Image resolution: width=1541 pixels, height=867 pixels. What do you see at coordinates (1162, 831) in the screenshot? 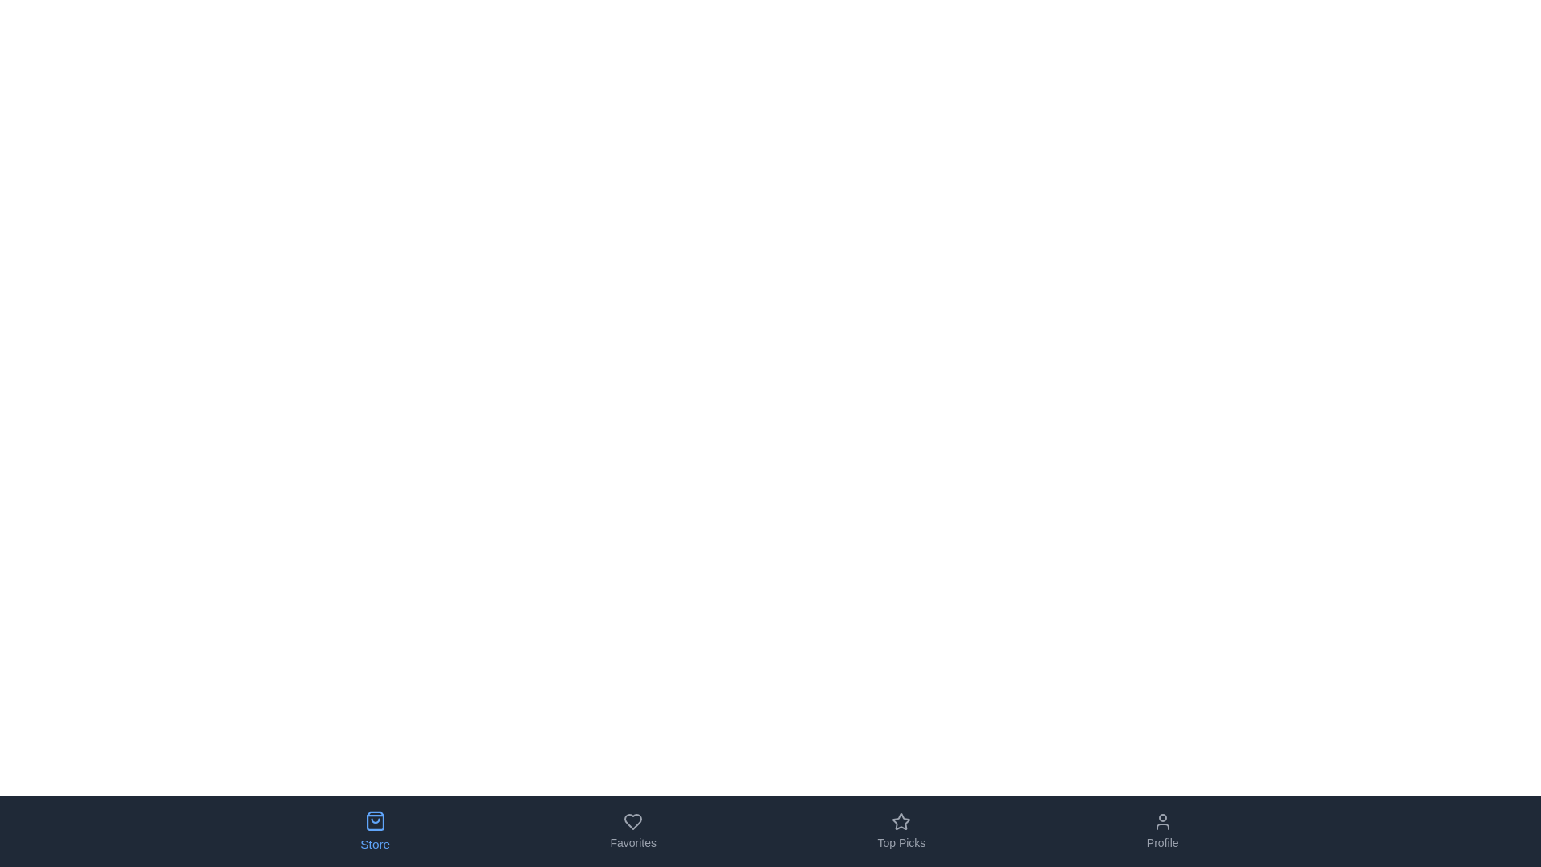
I see `the tab labeled Profile` at bounding box center [1162, 831].